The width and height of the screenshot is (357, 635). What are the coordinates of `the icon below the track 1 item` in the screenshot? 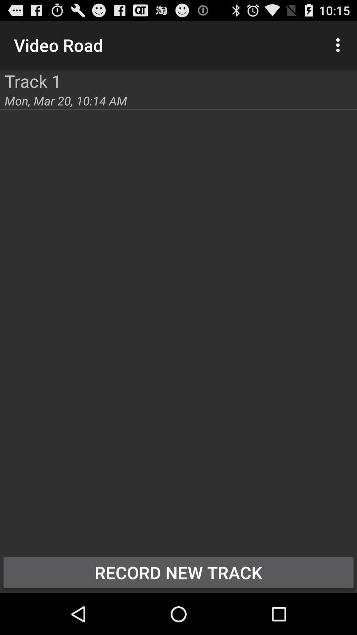 It's located at (66, 100).